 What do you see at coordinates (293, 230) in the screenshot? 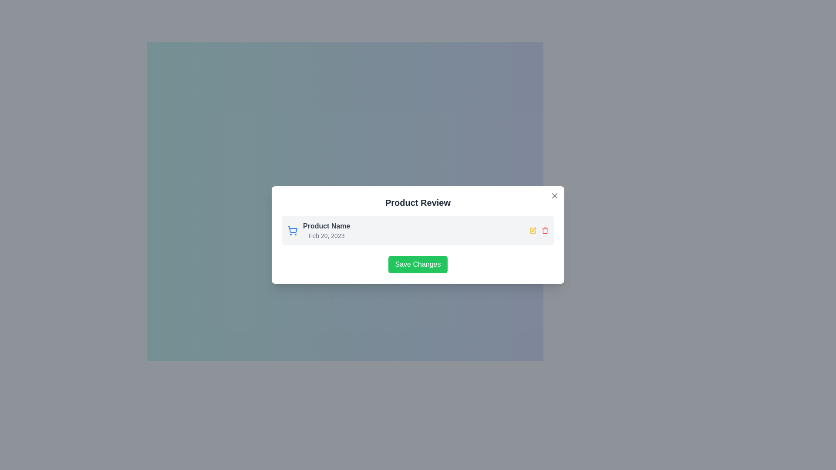
I see `the shopping cart icon with a blue outline, which is positioned prominently to the left of the text 'Product Name' and 'Feb 20, 2023'` at bounding box center [293, 230].